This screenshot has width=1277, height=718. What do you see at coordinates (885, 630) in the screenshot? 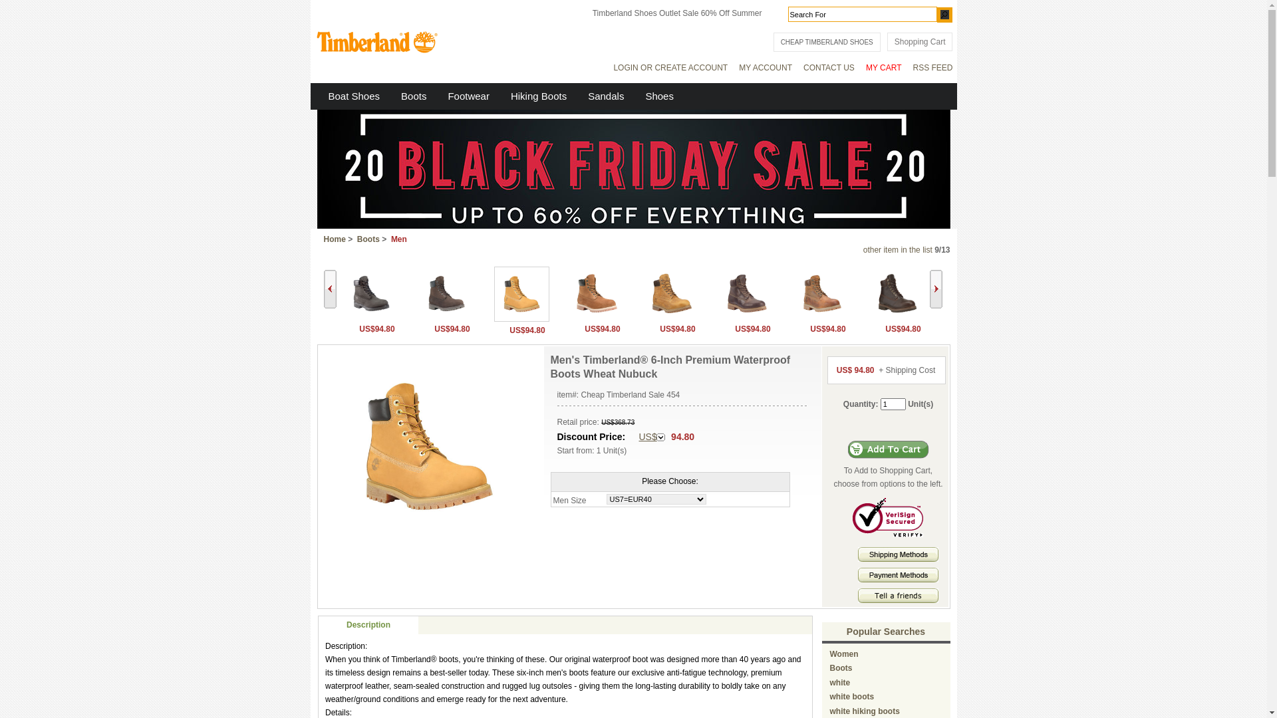
I see `'Popular Searches'` at bounding box center [885, 630].